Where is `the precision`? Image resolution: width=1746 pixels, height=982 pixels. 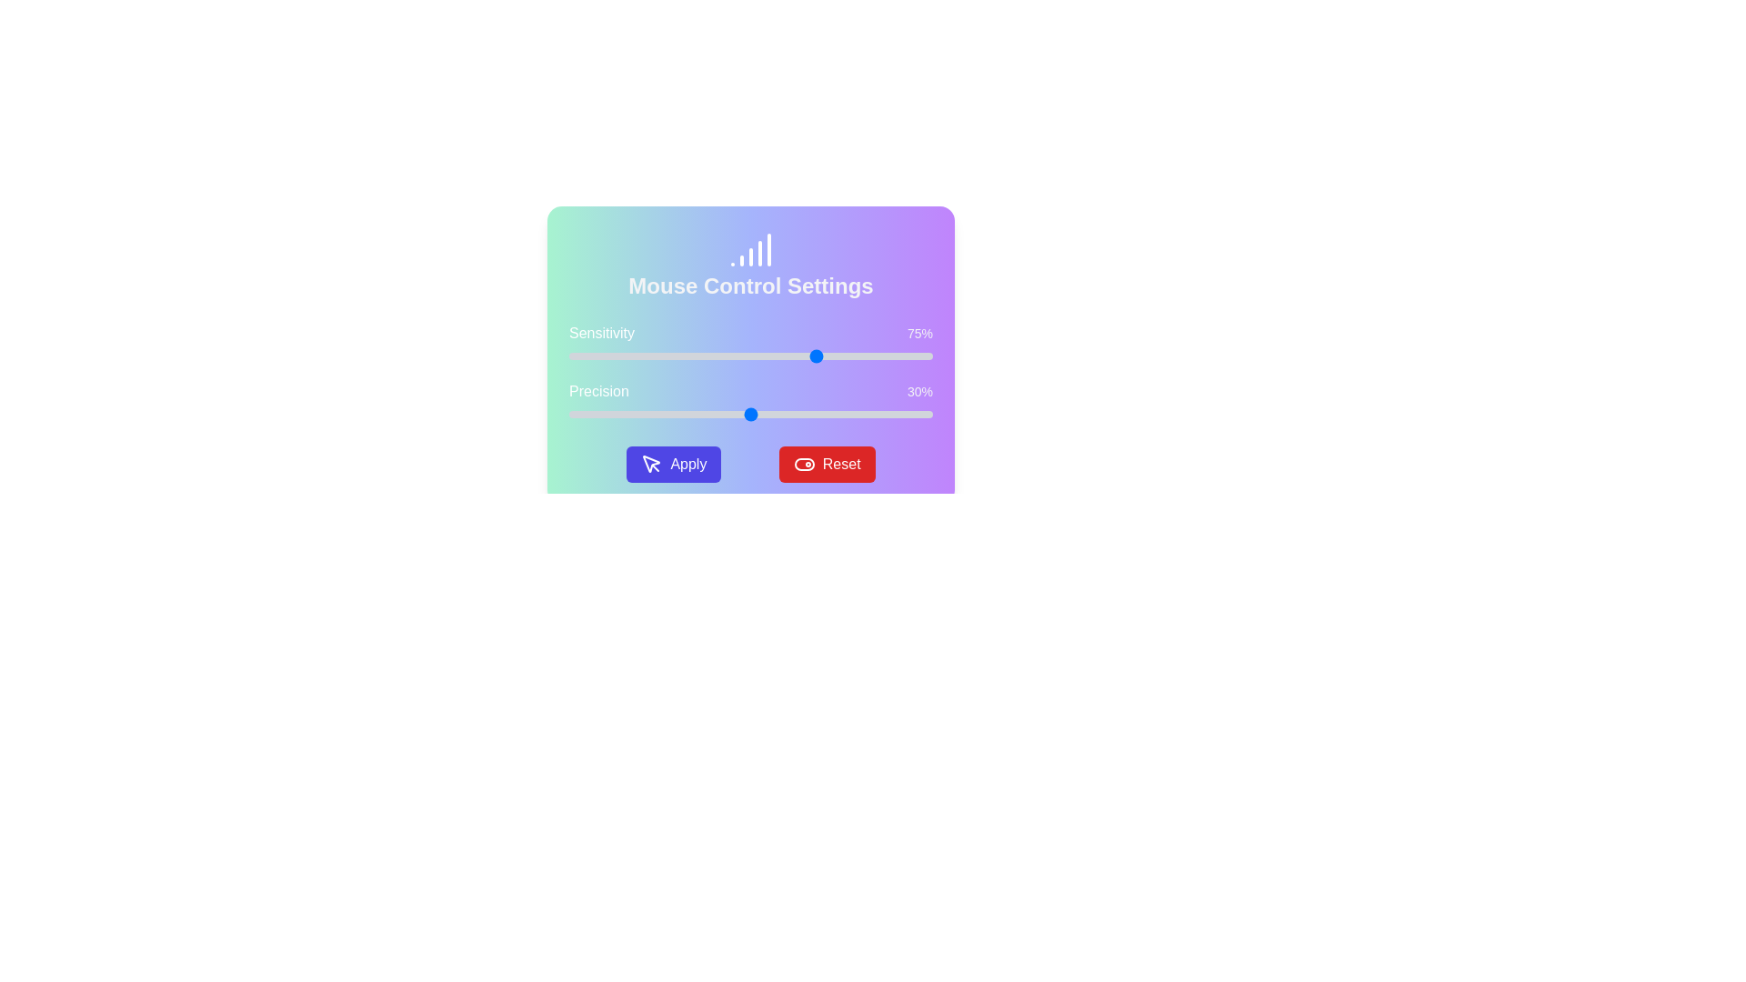
the precision is located at coordinates (686, 414).